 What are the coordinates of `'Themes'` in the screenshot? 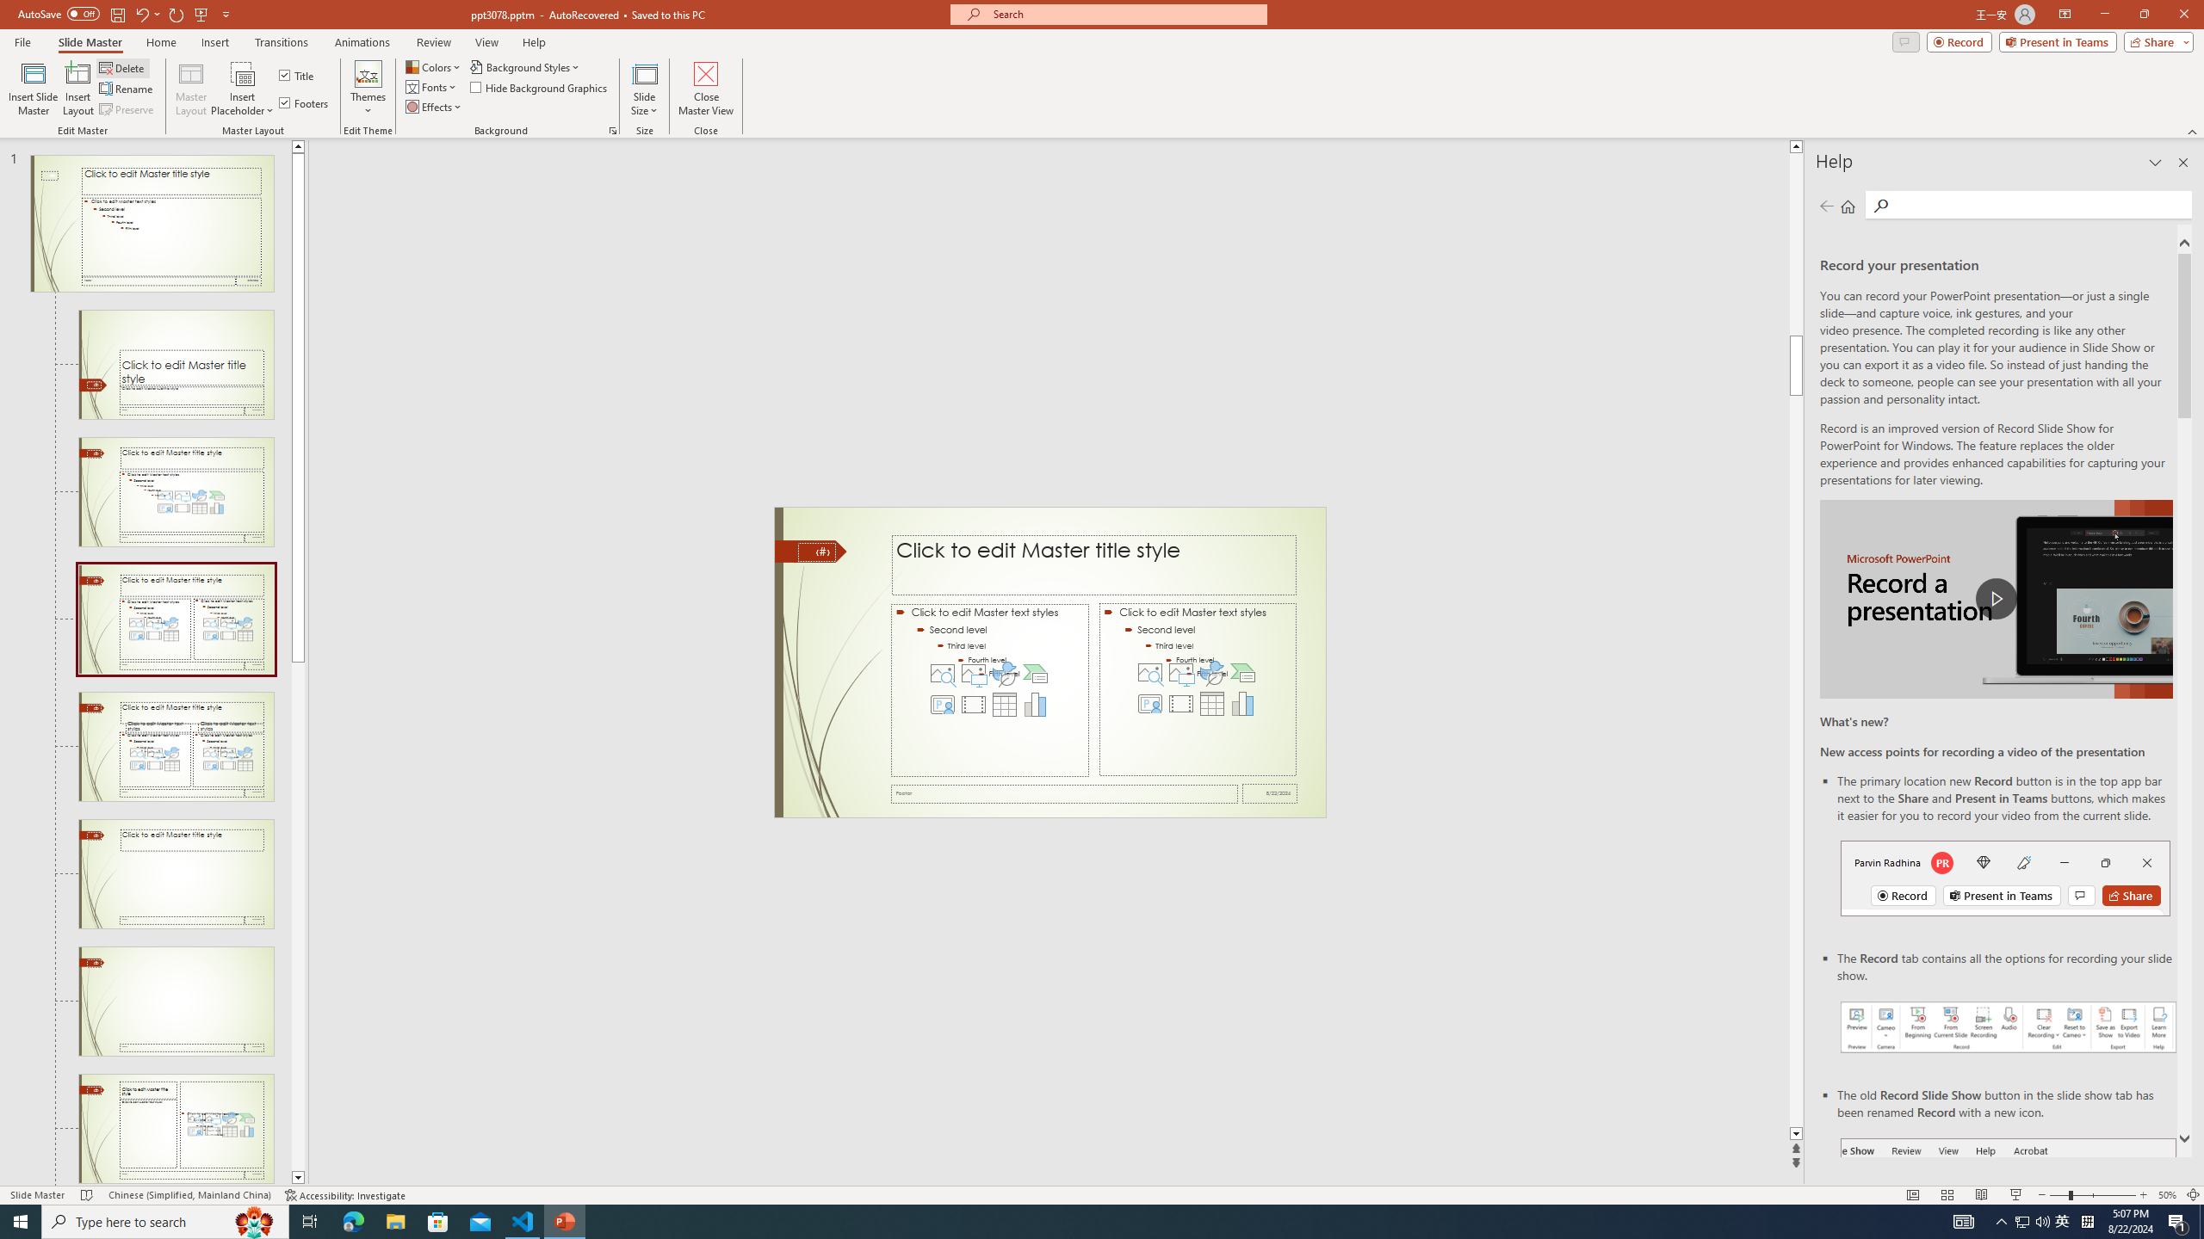 It's located at (368, 89).